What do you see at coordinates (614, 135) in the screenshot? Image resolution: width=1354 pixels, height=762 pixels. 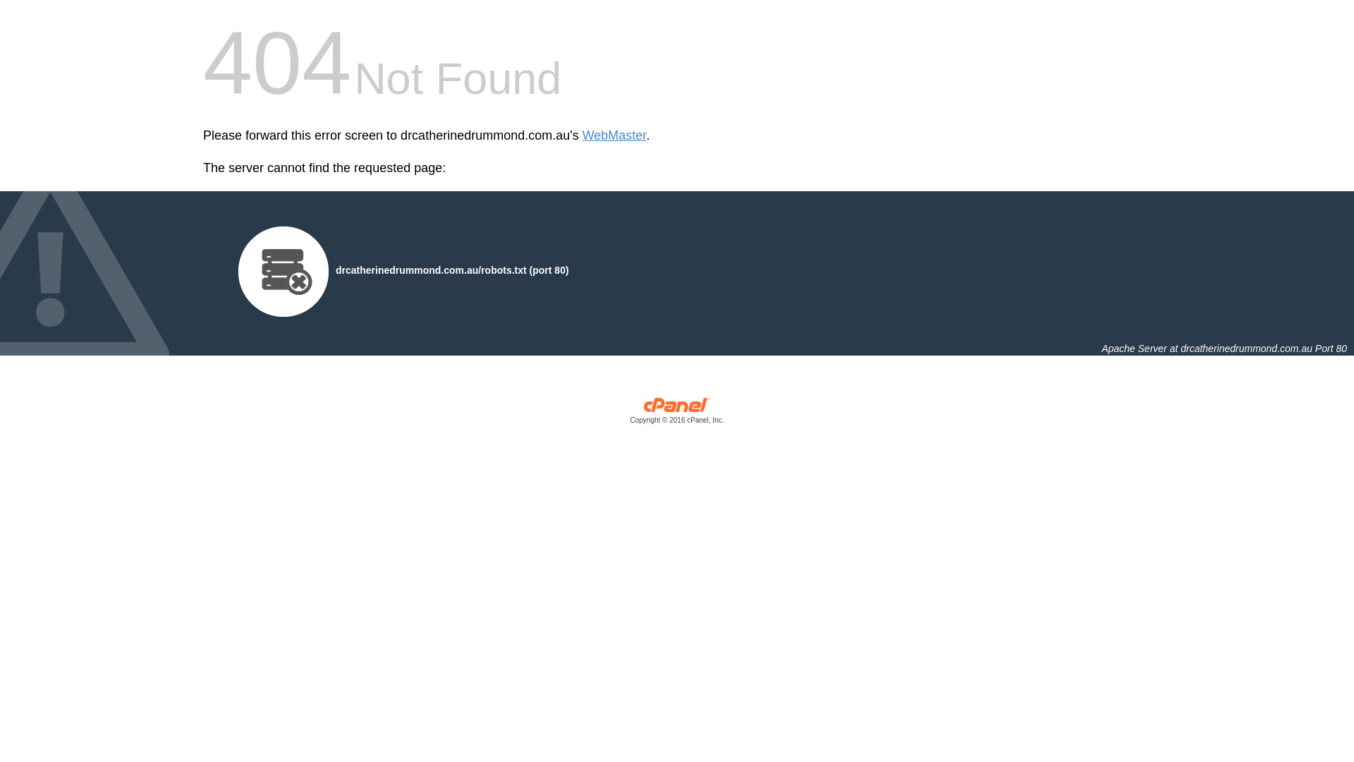 I see `'WebMaster'` at bounding box center [614, 135].